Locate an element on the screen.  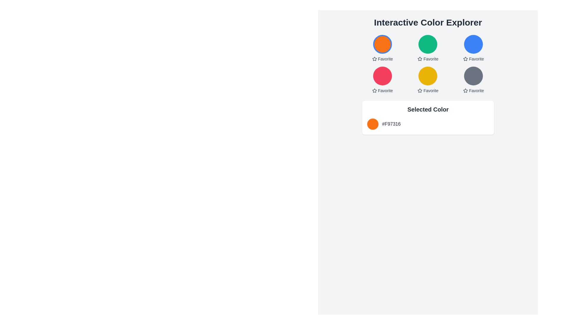
the interactive circular button representing a color option located in the middle row of the grid layout below the 'Interactive Color Explorer' header is located at coordinates (428, 85).